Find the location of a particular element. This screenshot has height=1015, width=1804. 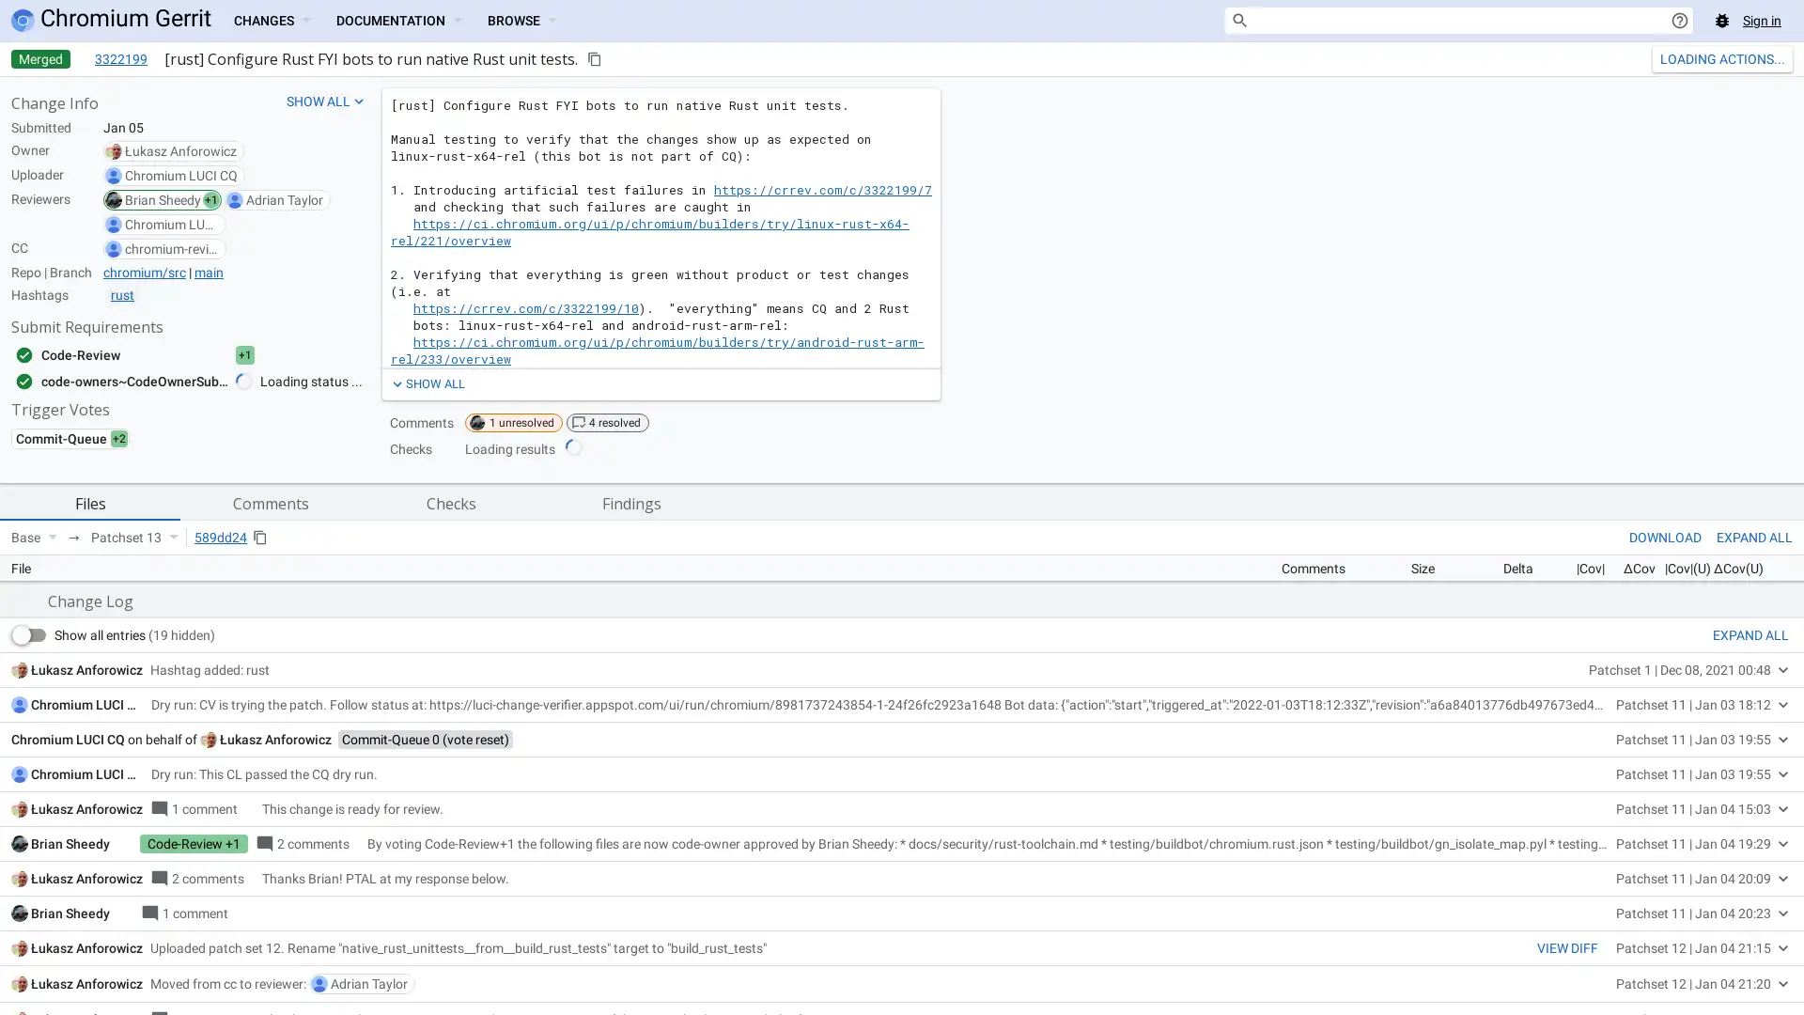

CHANGES is located at coordinates (270, 21).